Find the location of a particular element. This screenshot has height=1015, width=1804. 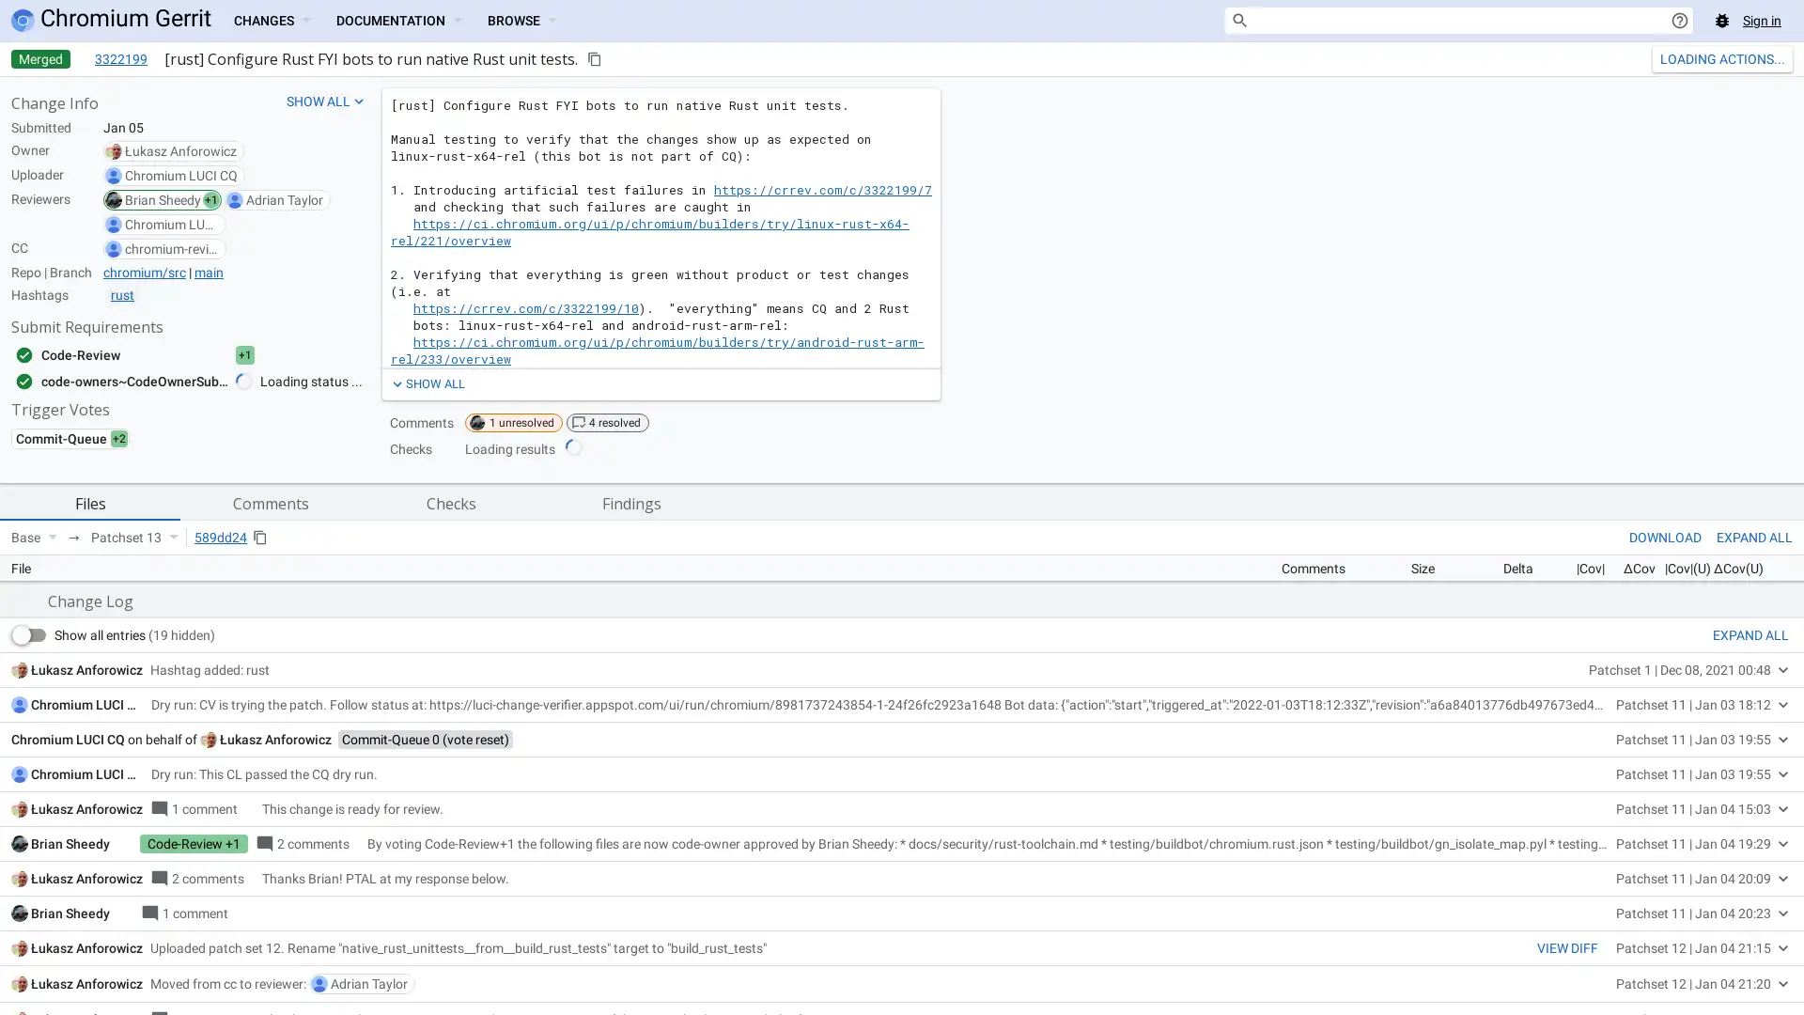

CHANGES is located at coordinates (270, 21).